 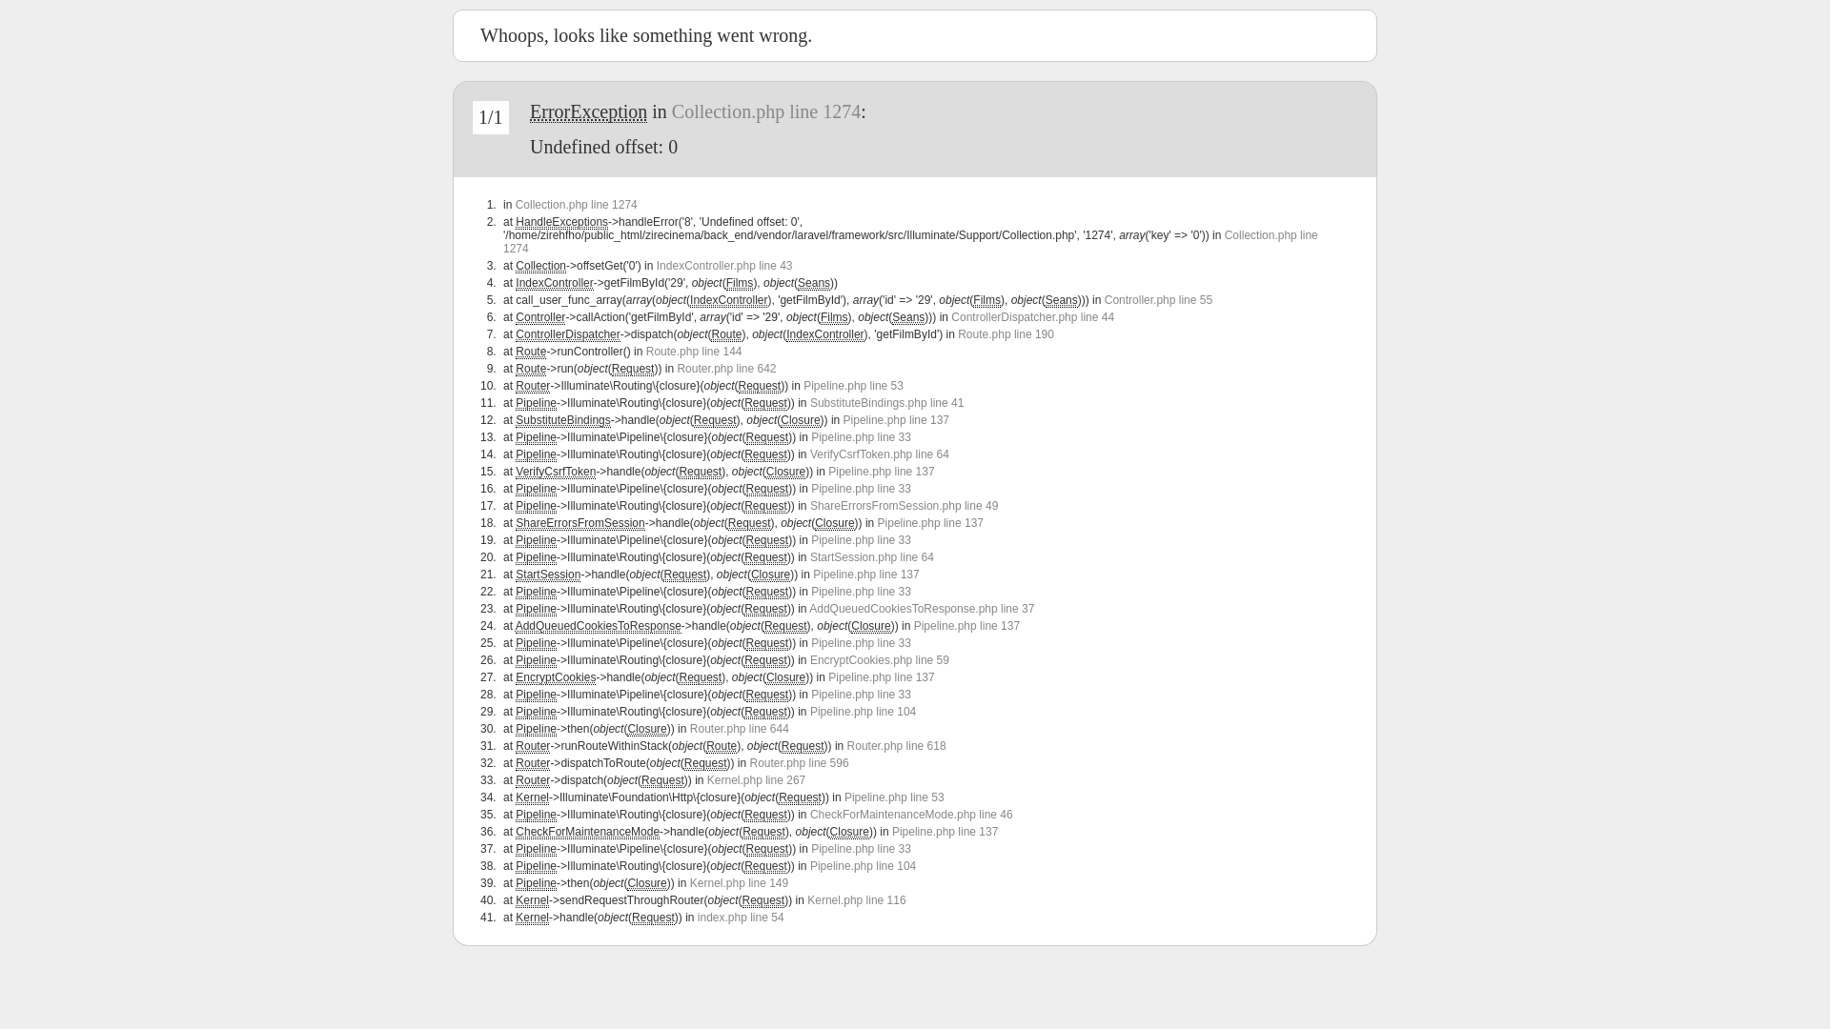 What do you see at coordinates (693, 352) in the screenshot?
I see `'Route.php line 144'` at bounding box center [693, 352].